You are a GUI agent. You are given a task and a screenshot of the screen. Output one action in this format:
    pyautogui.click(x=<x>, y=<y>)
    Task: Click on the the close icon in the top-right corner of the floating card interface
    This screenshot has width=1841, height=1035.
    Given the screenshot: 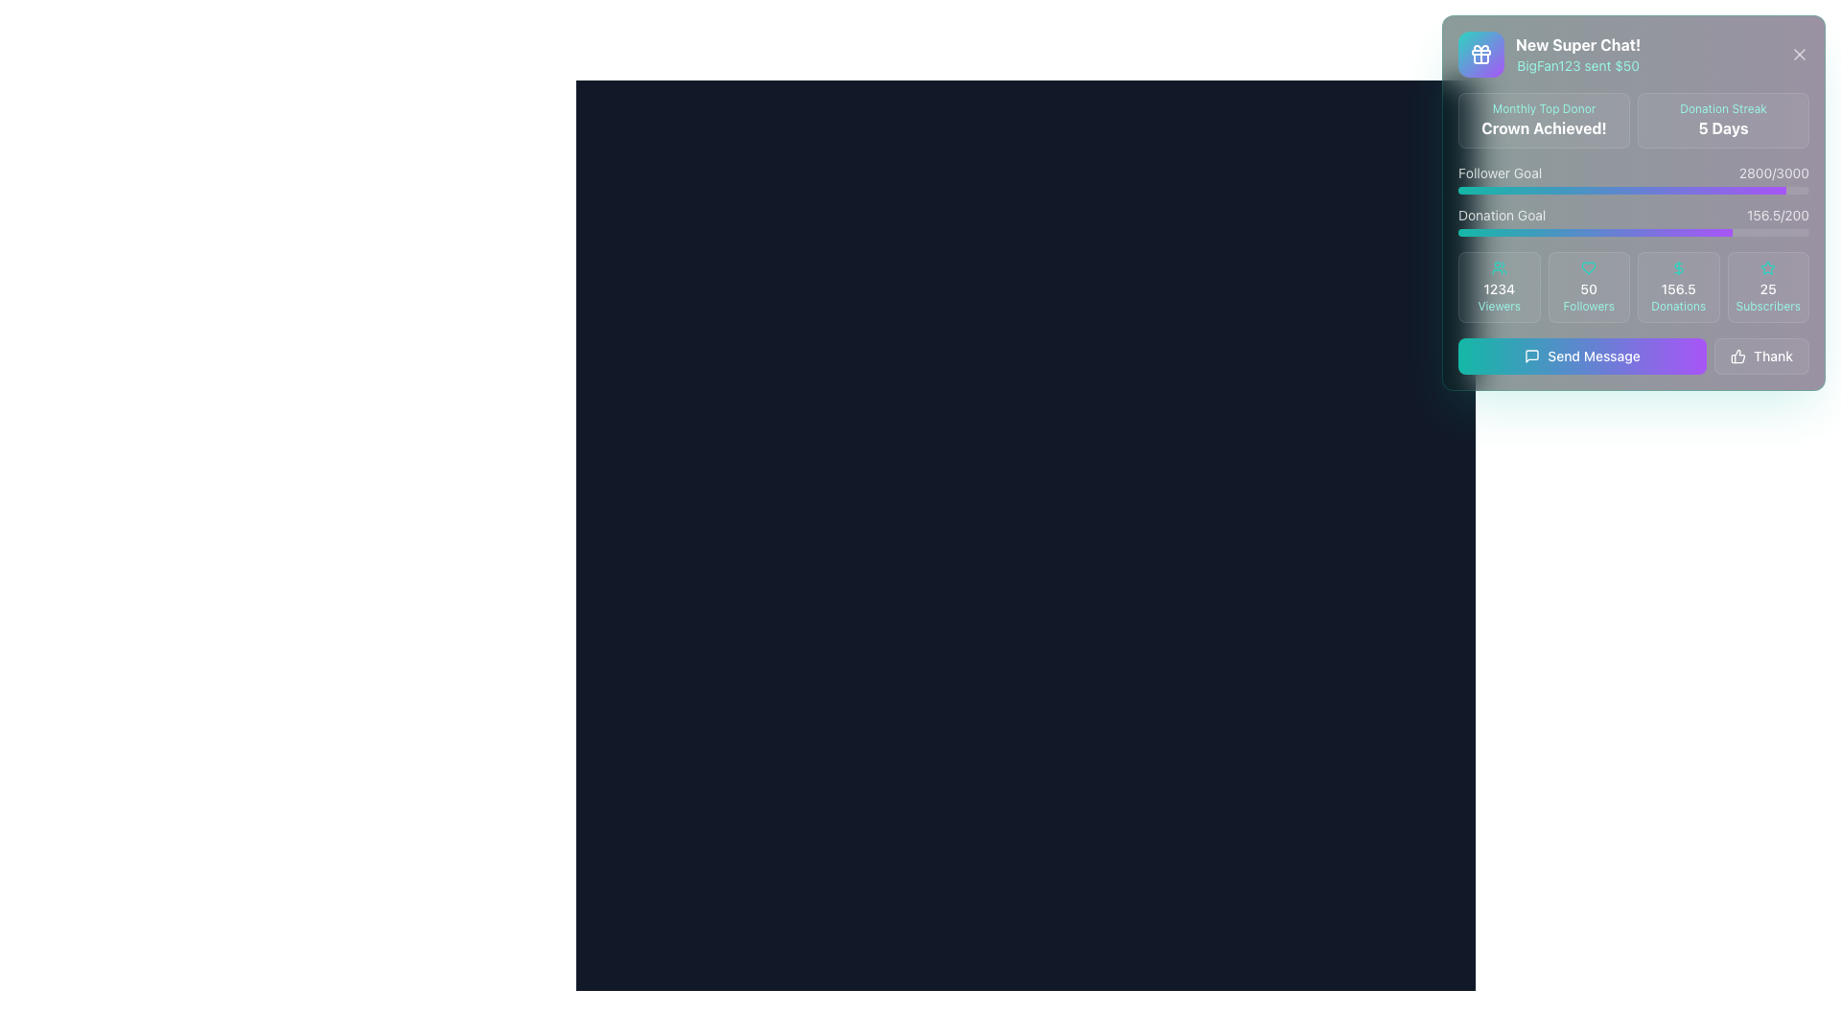 What is the action you would take?
    pyautogui.click(x=1798, y=54)
    